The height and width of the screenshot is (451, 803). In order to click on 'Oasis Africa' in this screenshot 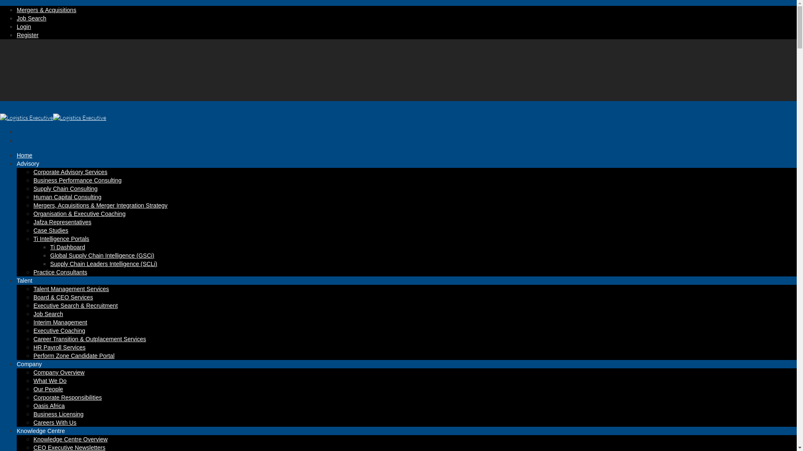, I will do `click(49, 405)`.